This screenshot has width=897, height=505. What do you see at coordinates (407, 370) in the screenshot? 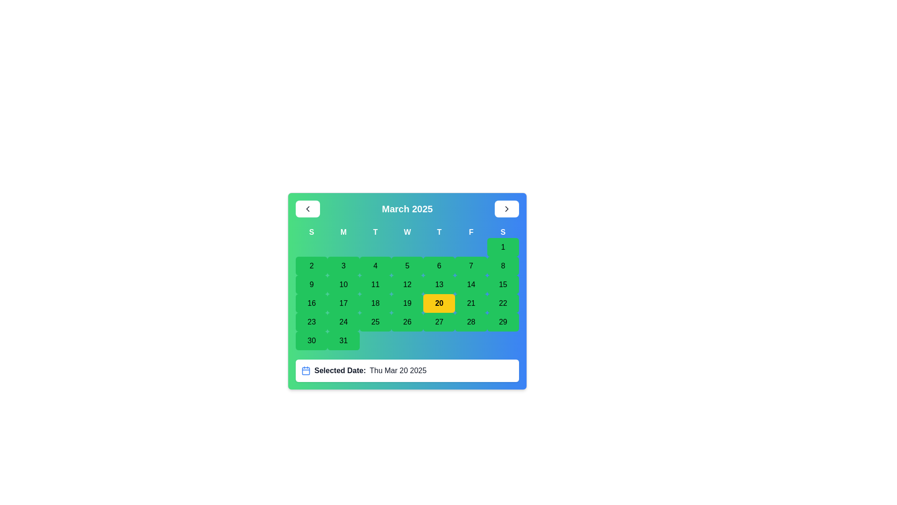
I see `the Text Label with Icon that displays the currently selected date from the calendar, located at the bottom of the interface under the calendar grid` at bounding box center [407, 370].